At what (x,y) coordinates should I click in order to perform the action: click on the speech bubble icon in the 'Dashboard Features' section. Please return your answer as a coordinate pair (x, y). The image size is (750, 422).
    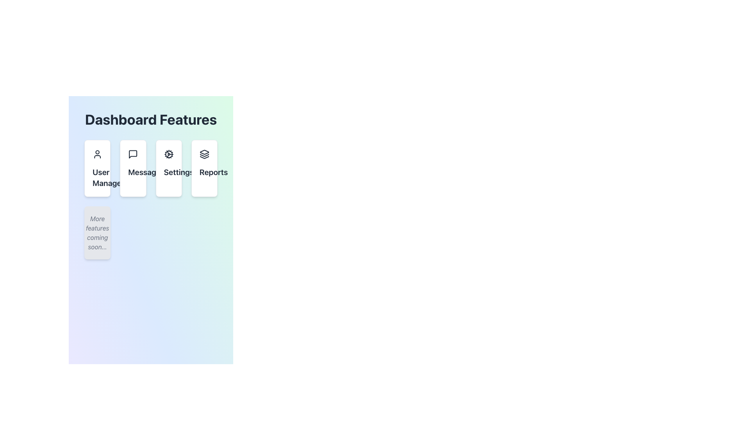
    Looking at the image, I should click on (133, 154).